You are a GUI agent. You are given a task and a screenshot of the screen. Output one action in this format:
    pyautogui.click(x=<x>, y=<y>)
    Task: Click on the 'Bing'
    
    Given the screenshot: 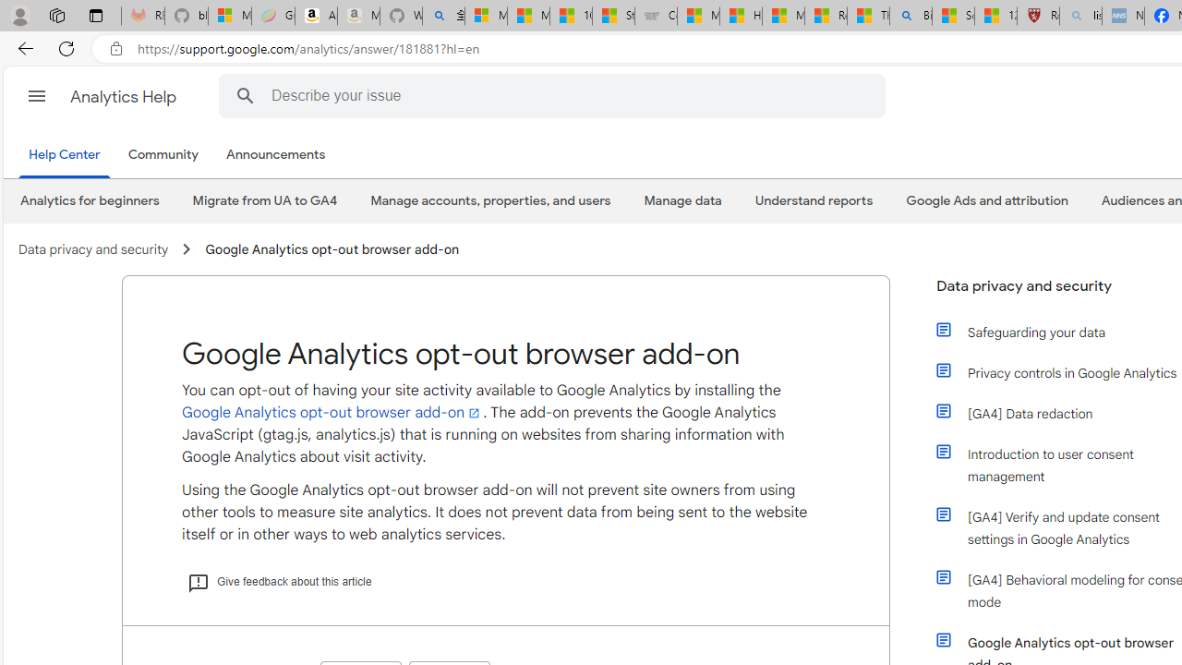 What is the action you would take?
    pyautogui.click(x=911, y=16)
    